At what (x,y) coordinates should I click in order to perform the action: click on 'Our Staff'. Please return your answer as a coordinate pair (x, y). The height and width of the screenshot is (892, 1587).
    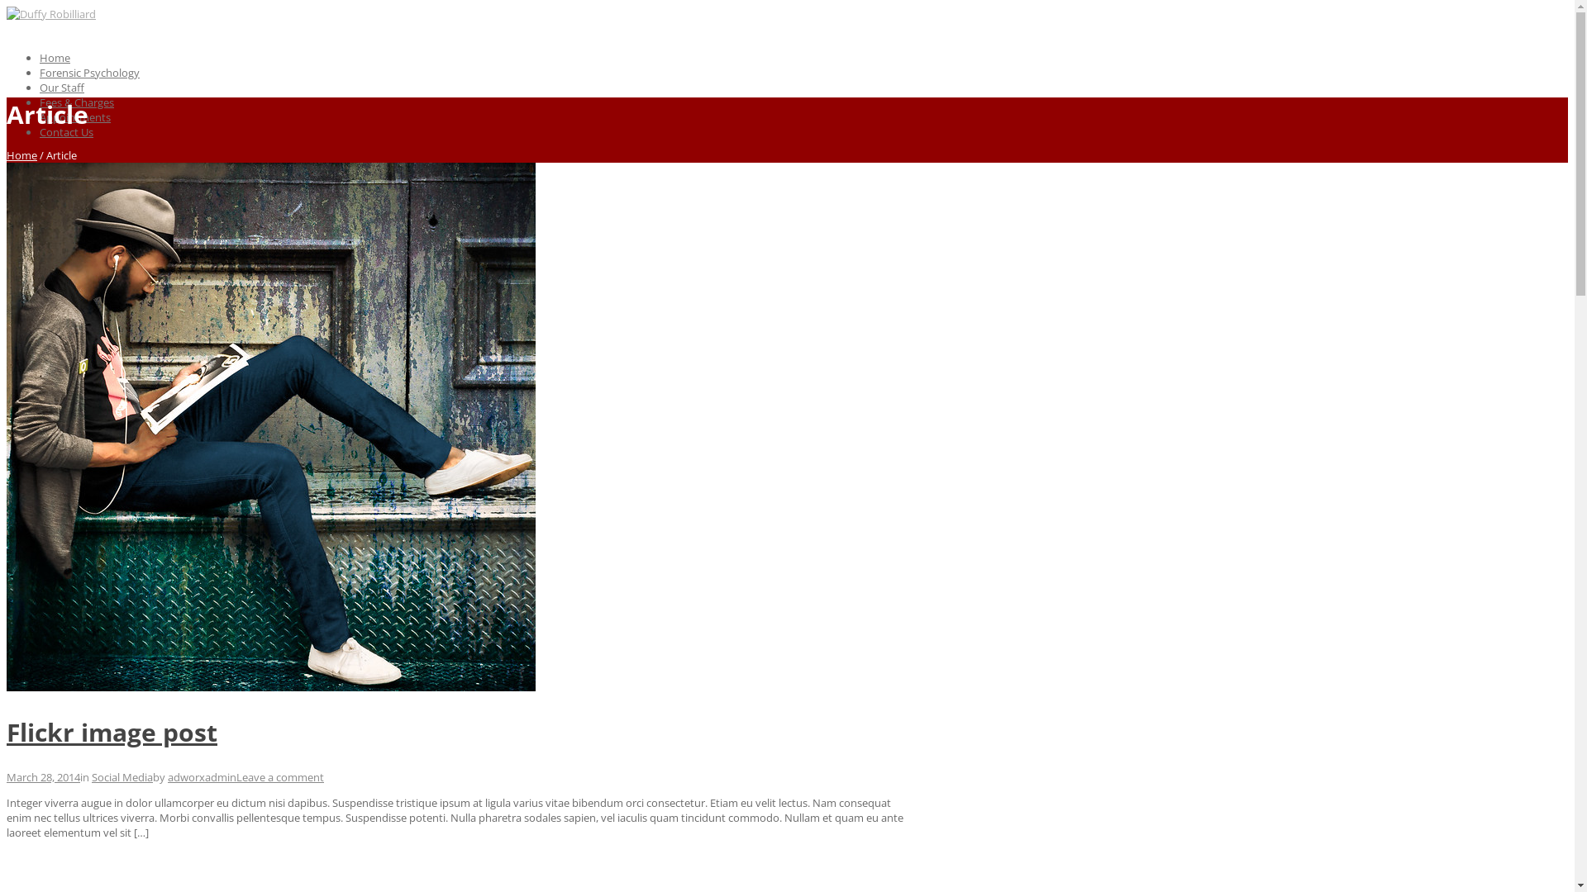
    Looking at the image, I should click on (62, 87).